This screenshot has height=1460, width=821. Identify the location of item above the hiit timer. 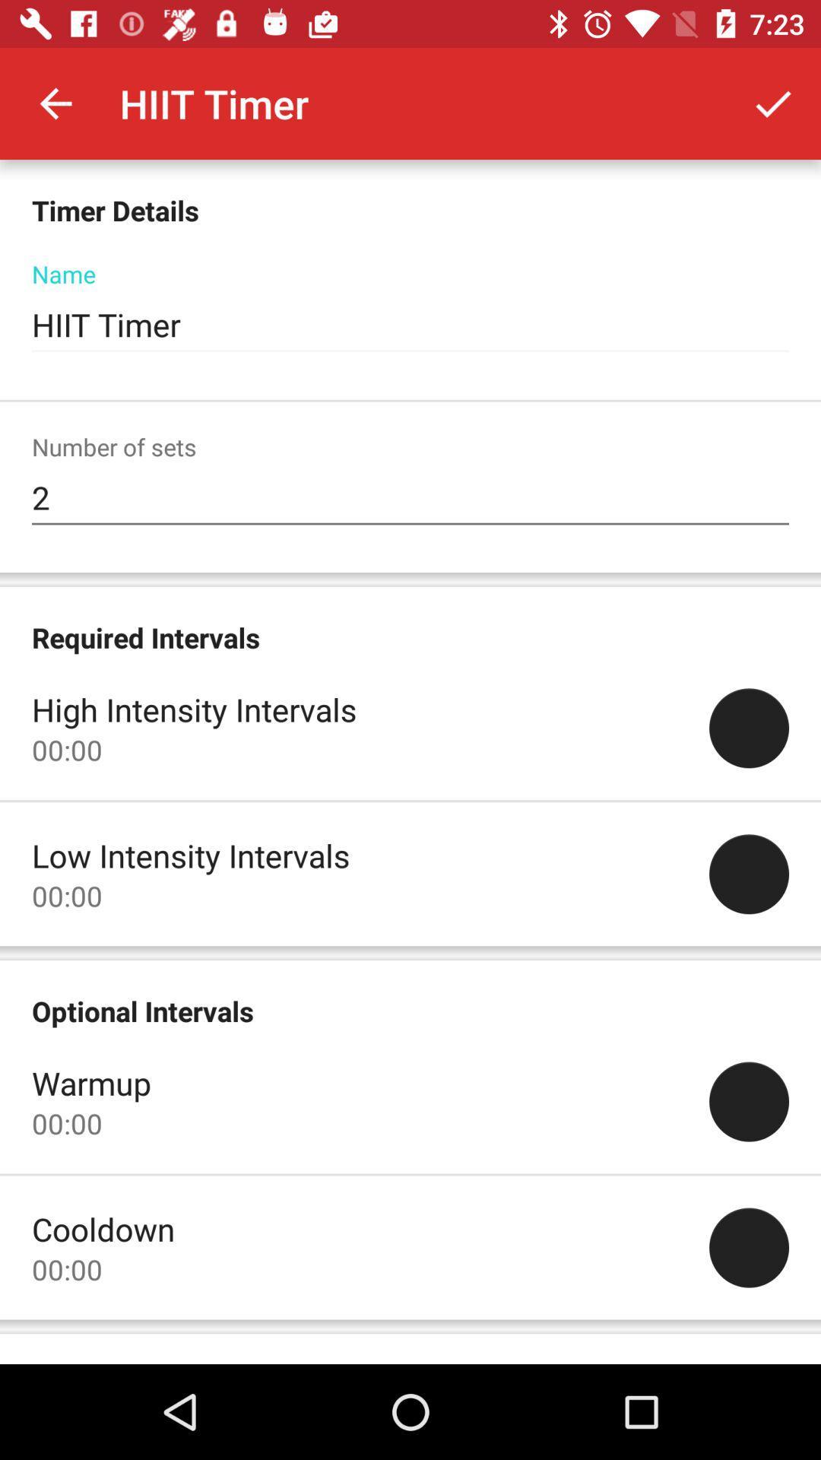
(773, 103).